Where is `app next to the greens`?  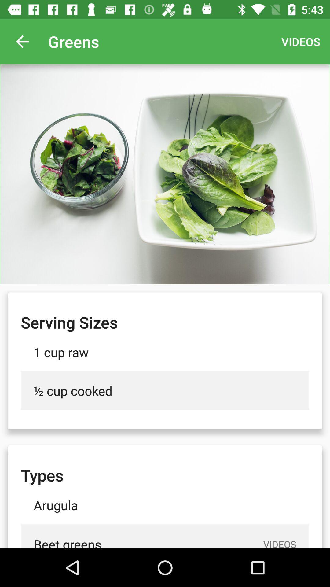
app next to the greens is located at coordinates (22, 41).